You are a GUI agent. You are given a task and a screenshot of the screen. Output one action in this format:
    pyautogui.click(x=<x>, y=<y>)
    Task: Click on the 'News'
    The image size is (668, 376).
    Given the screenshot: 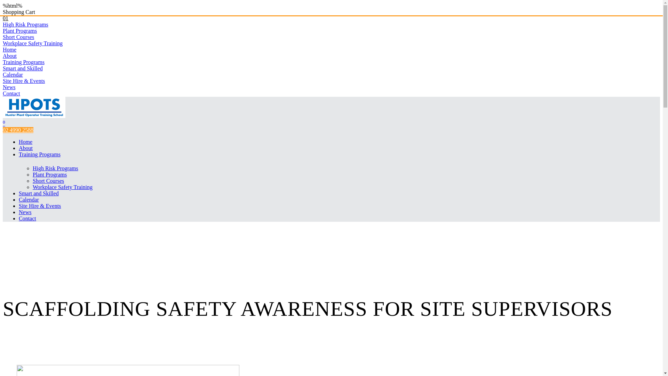 What is the action you would take?
    pyautogui.click(x=25, y=212)
    